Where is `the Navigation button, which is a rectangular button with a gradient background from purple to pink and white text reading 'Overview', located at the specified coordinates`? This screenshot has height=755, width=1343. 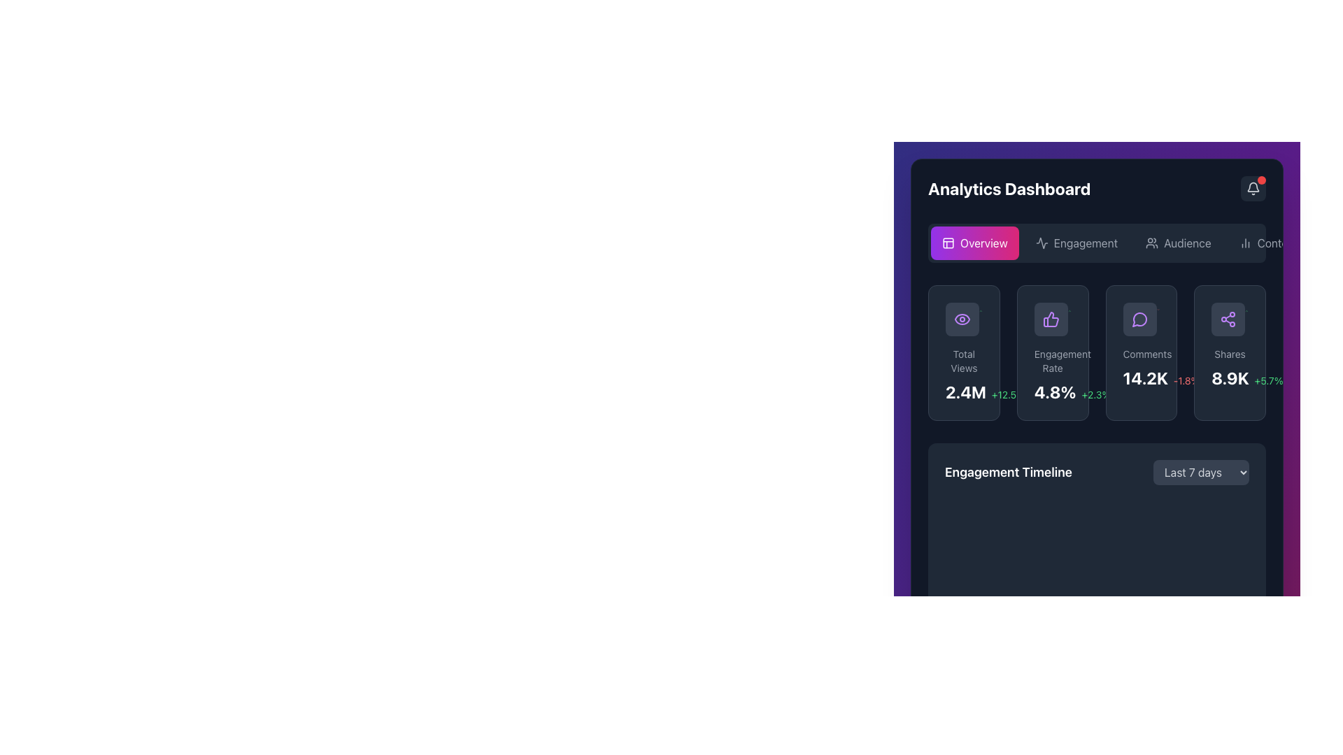
the Navigation button, which is a rectangular button with a gradient background from purple to pink and white text reading 'Overview', located at the specified coordinates is located at coordinates (974, 242).